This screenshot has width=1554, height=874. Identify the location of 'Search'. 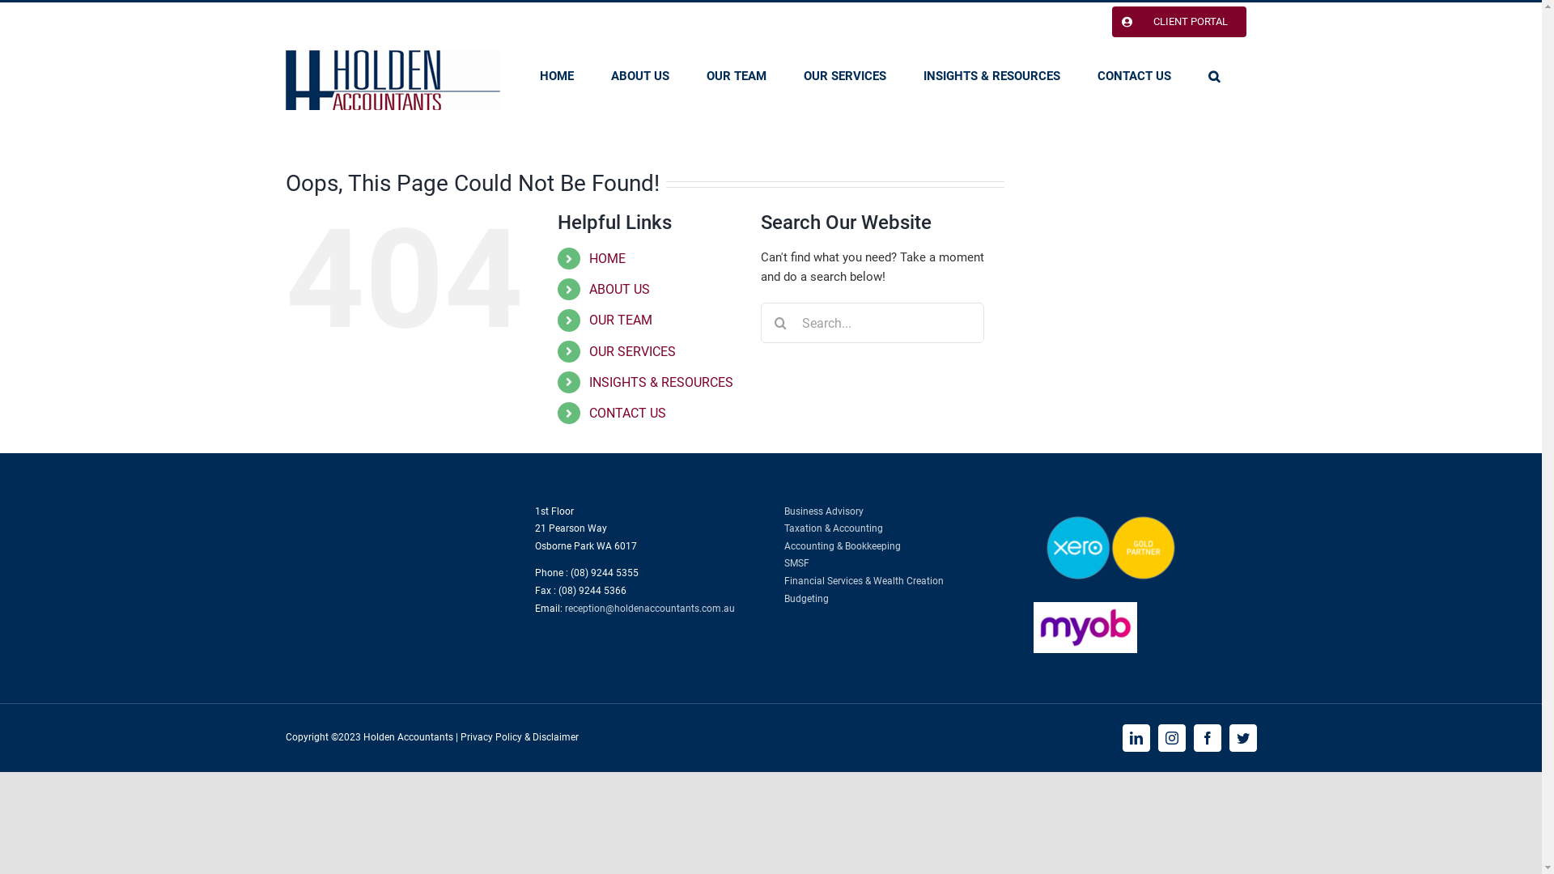
(1212, 75).